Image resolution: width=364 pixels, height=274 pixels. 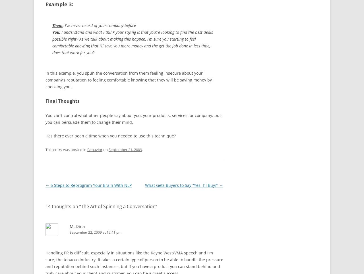 What do you see at coordinates (128, 80) in the screenshot?
I see `'In this example, you spun the conversation from them feeling insecure about your company’s reputation to feeling comfortable knowing that they will be saving money by choosing you.'` at bounding box center [128, 80].